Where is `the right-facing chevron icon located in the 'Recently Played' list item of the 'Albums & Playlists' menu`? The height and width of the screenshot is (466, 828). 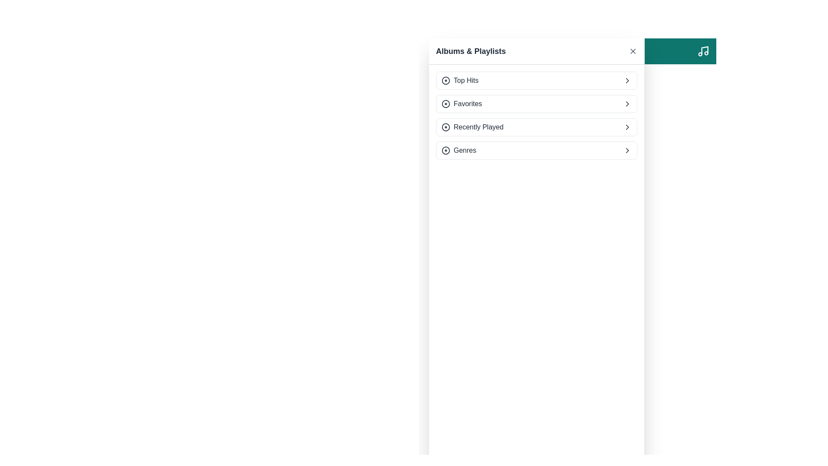
the right-facing chevron icon located in the 'Recently Played' list item of the 'Albums & Playlists' menu is located at coordinates (627, 127).